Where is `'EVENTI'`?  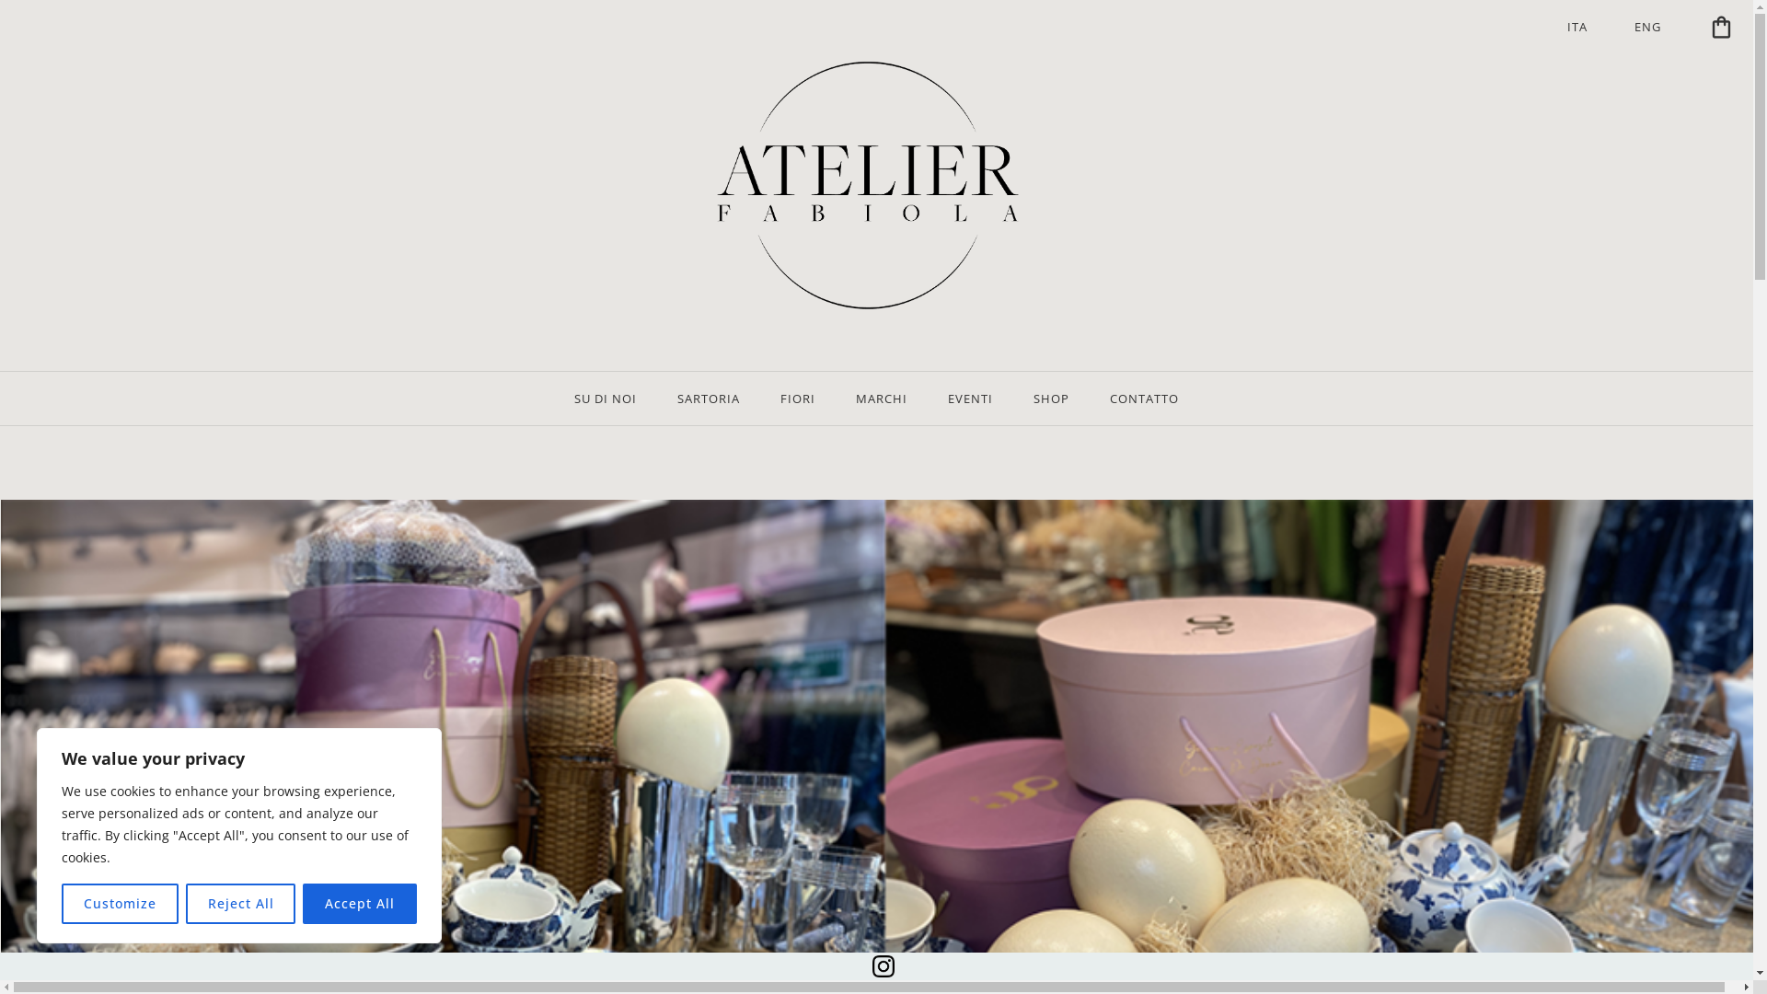
'EVENTI' is located at coordinates (969, 397).